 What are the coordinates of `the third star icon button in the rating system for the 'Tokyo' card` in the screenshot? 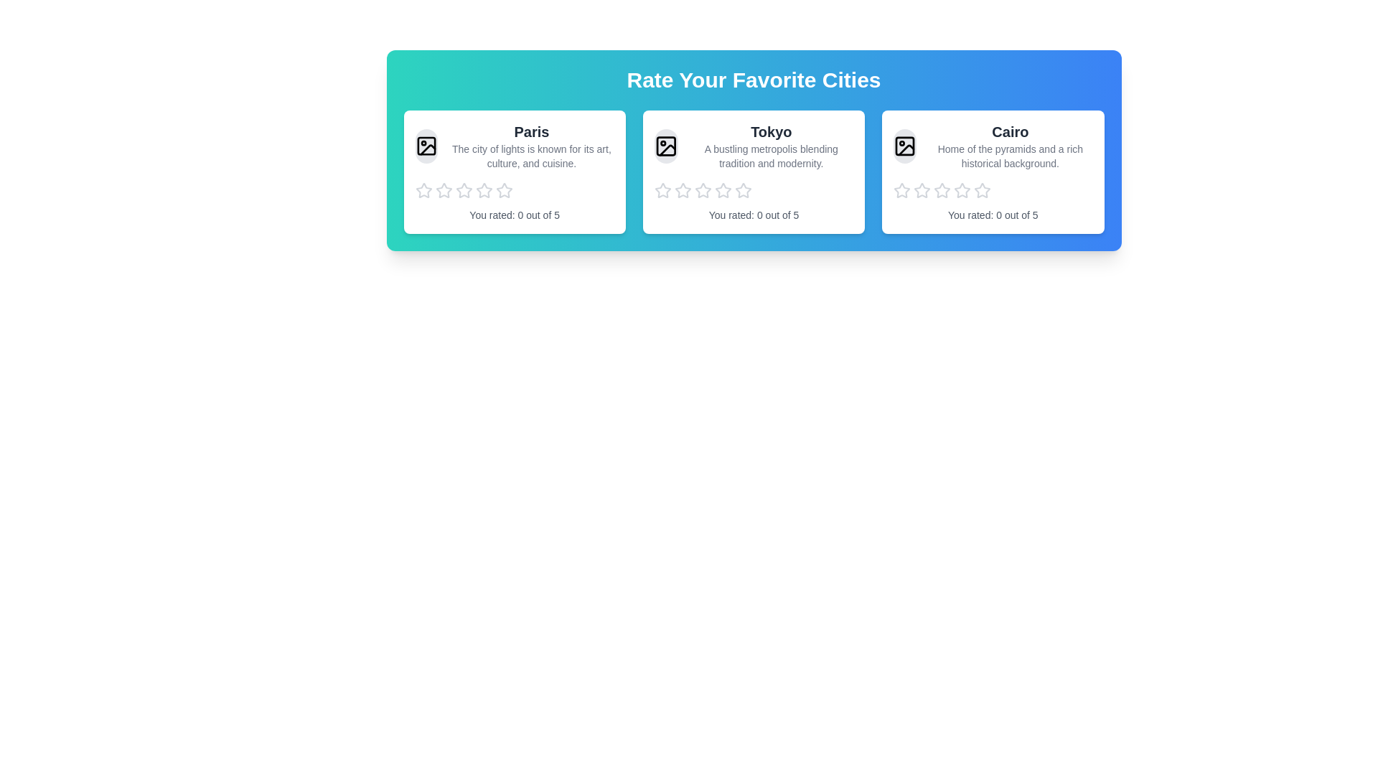 It's located at (703, 190).